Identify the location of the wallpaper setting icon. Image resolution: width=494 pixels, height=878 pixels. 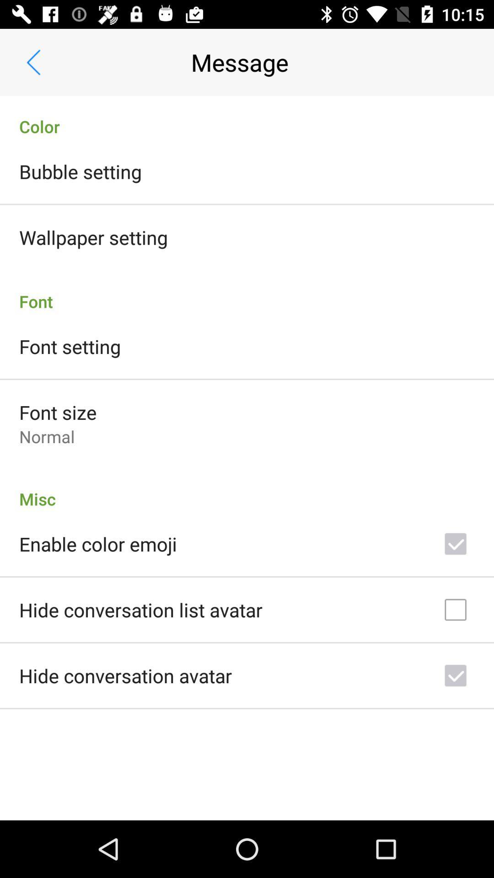
(93, 237).